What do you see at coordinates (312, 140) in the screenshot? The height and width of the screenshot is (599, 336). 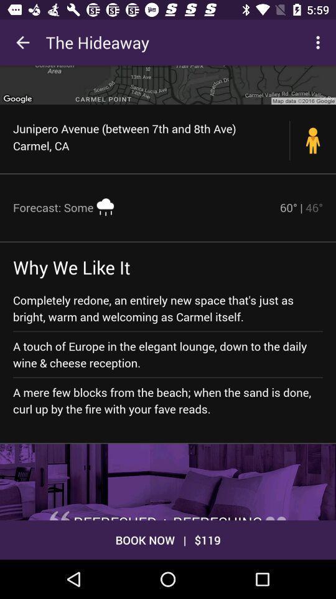 I see `item next to the junipero avenue between icon` at bounding box center [312, 140].